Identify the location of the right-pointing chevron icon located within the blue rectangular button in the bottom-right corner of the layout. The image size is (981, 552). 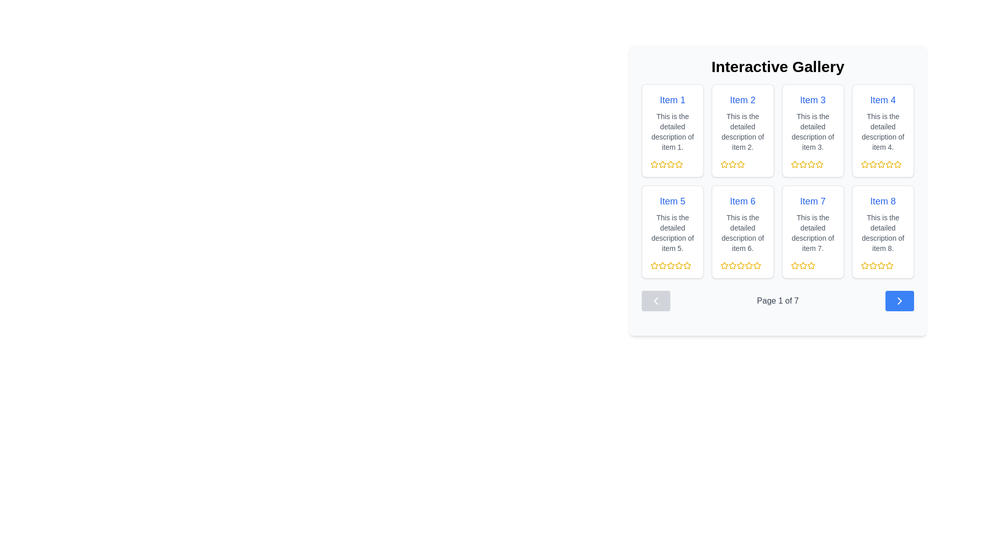
(900, 301).